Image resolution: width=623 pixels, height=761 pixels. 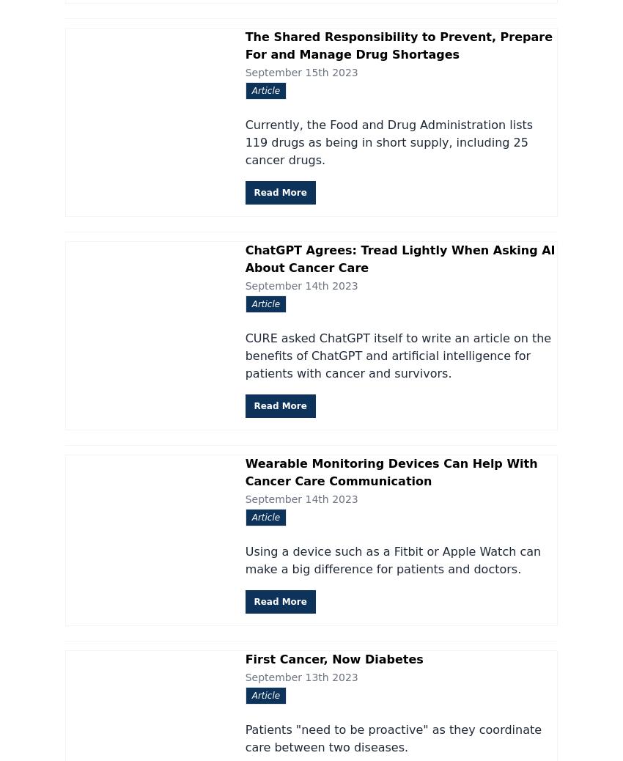 What do you see at coordinates (301, 70) in the screenshot?
I see `'September 15th 2023'` at bounding box center [301, 70].